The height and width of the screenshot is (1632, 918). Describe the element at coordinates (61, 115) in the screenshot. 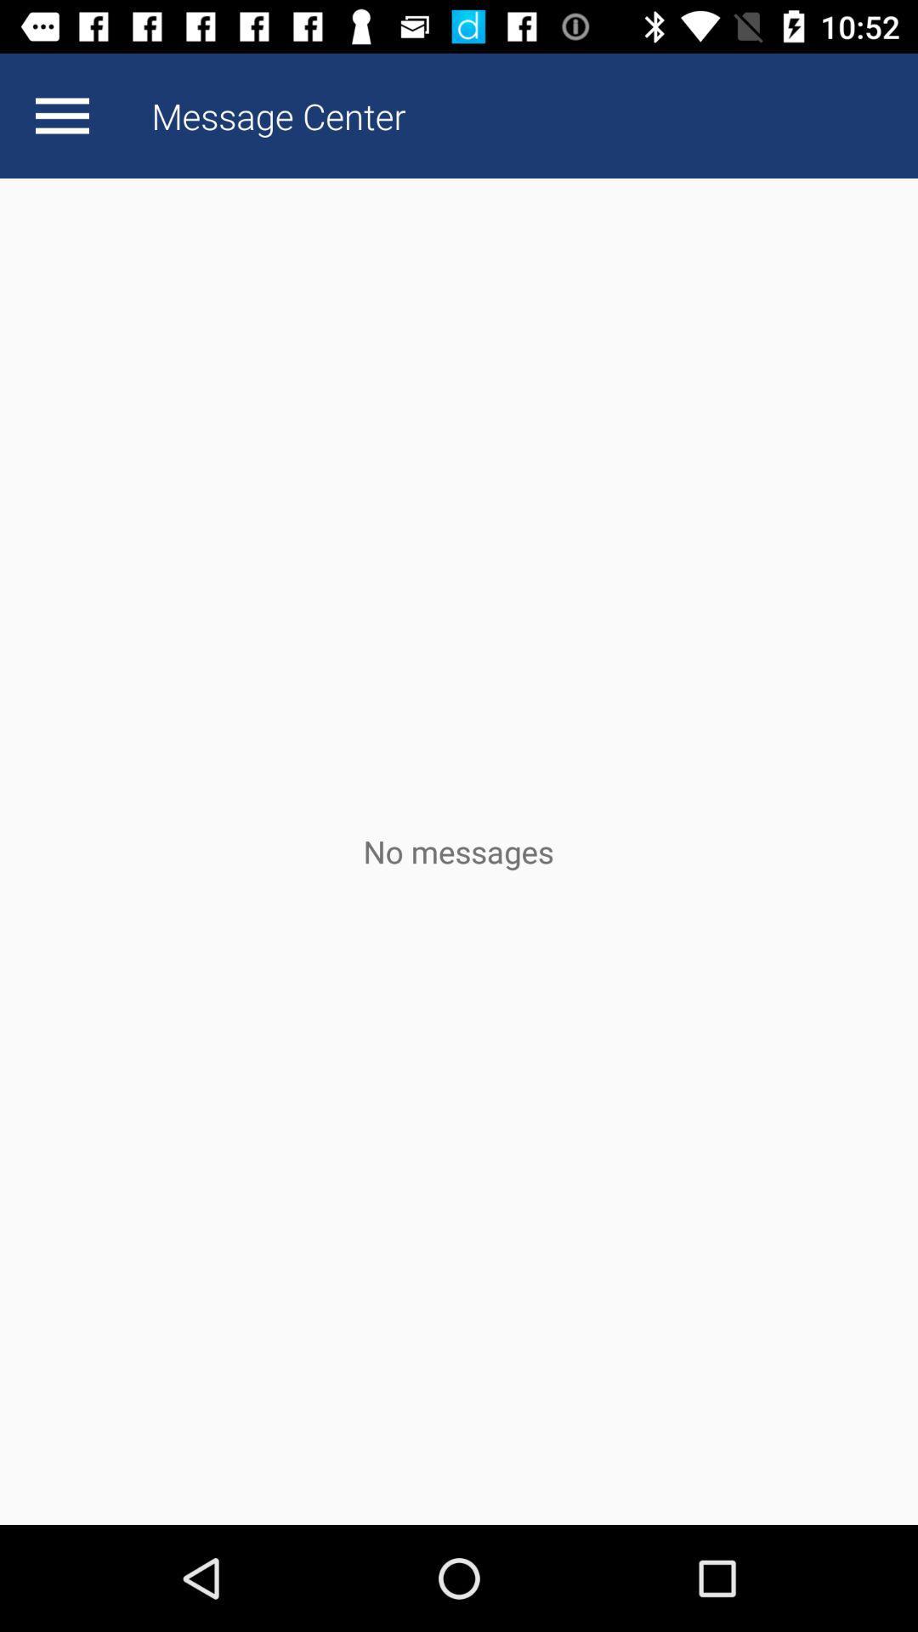

I see `icon at the top left corner` at that location.